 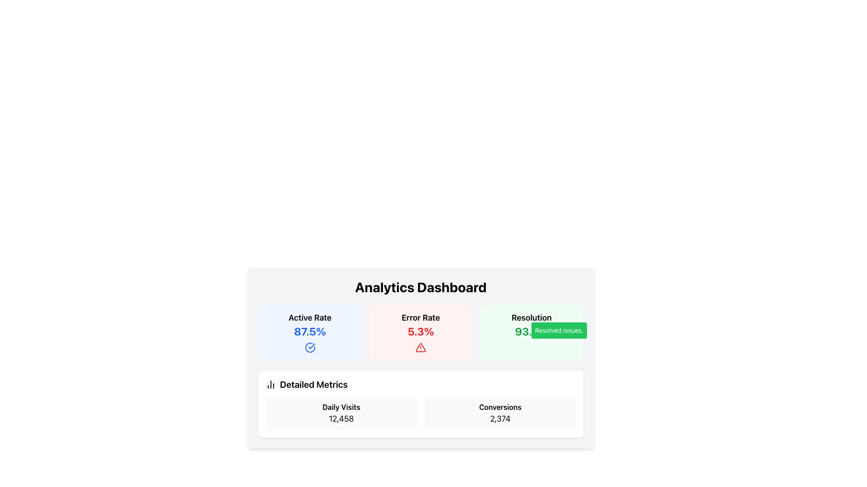 What do you see at coordinates (310, 347) in the screenshot?
I see `the status marker icon for the 'Active Rate' metric, located within the first card labeled 'Active Rate', positioned below the text '87.5%'` at bounding box center [310, 347].